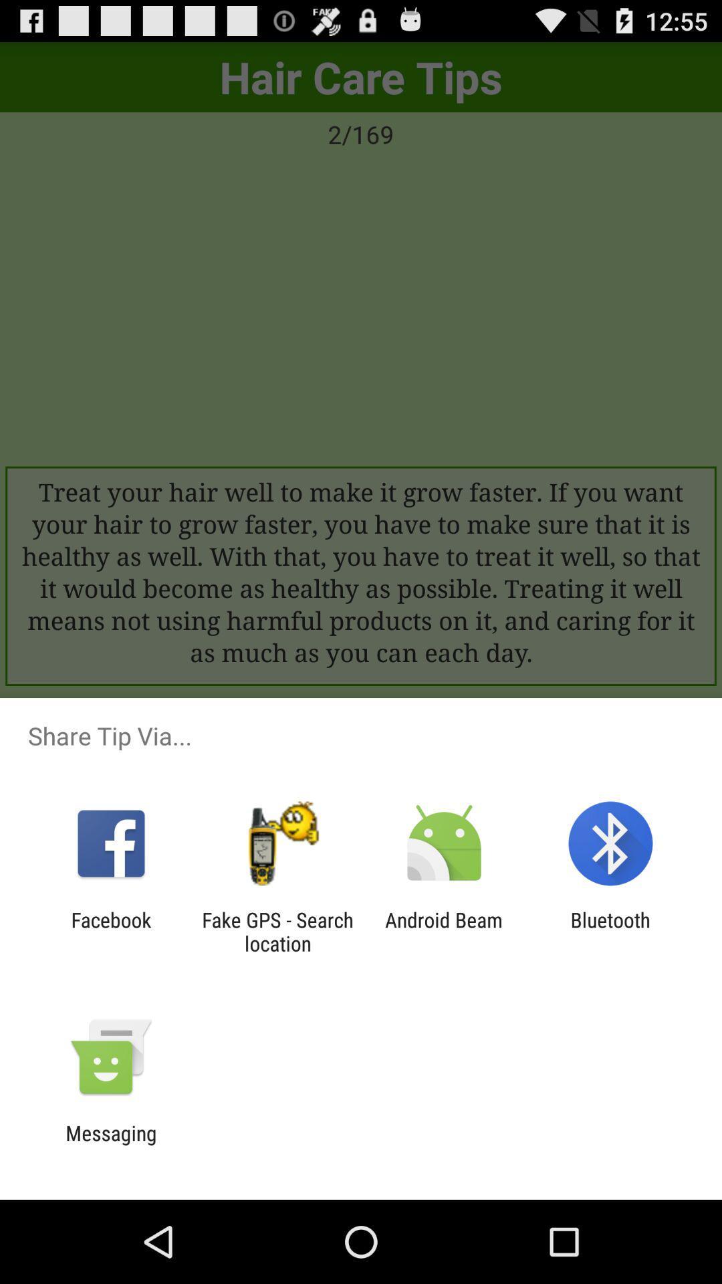 The image size is (722, 1284). Describe the element at coordinates (277, 931) in the screenshot. I see `fake gps search` at that location.